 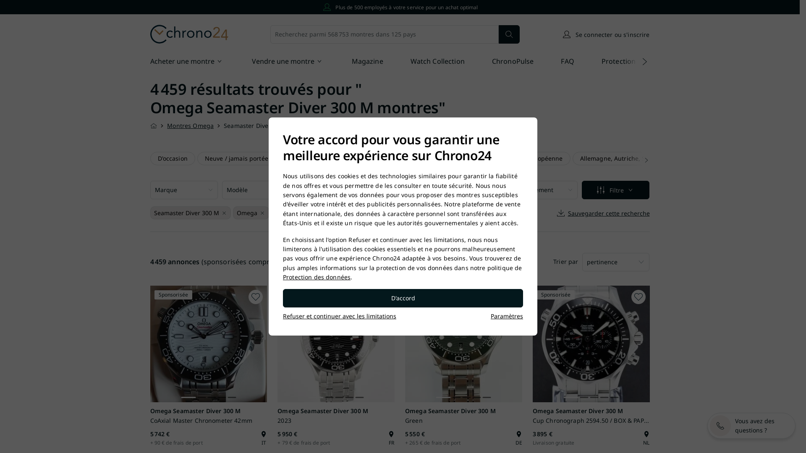 What do you see at coordinates (601, 61) in the screenshot?
I see `'Protection des Acheteurs'` at bounding box center [601, 61].